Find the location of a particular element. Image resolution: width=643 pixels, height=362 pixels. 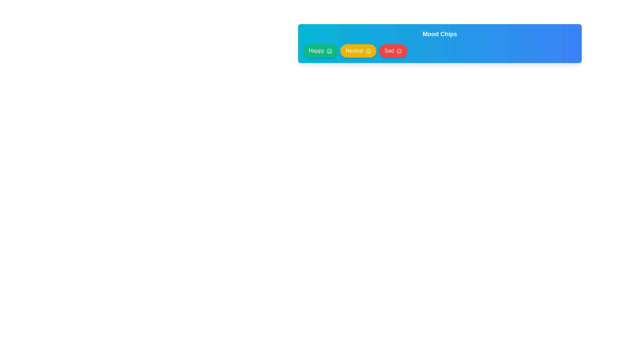

the 'Neutral' text node, which is centrally aligned within a yellow button in a group of mood selection buttons is located at coordinates (354, 50).